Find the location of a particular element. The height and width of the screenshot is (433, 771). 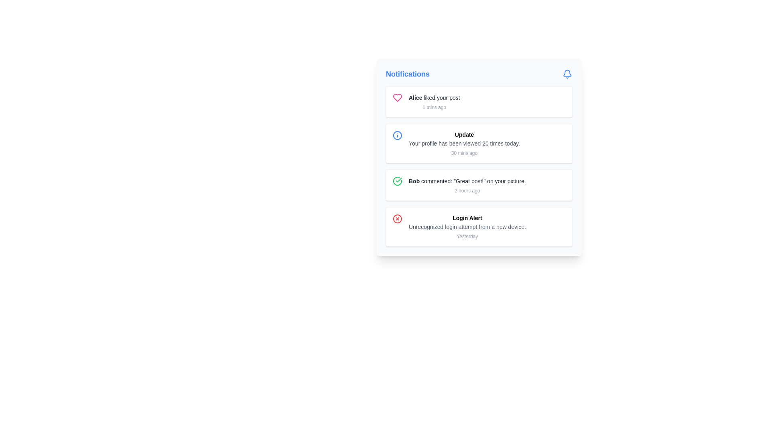

the inner SVG circle that represents an error, warning, or close action, visually associated with the 'Login Alert' notification at the bottom of the notification list is located at coordinates (397, 219).